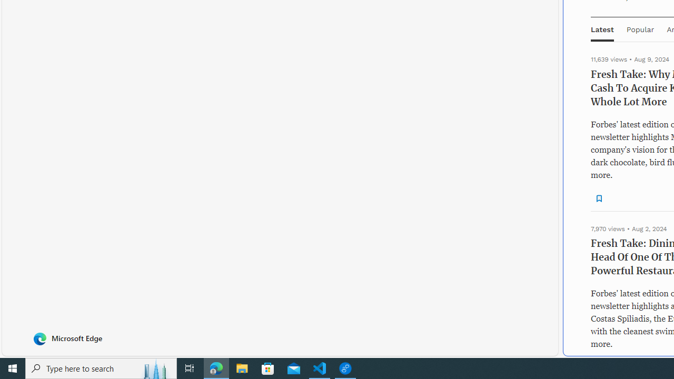  What do you see at coordinates (640, 29) in the screenshot?
I see `'Popular'` at bounding box center [640, 29].